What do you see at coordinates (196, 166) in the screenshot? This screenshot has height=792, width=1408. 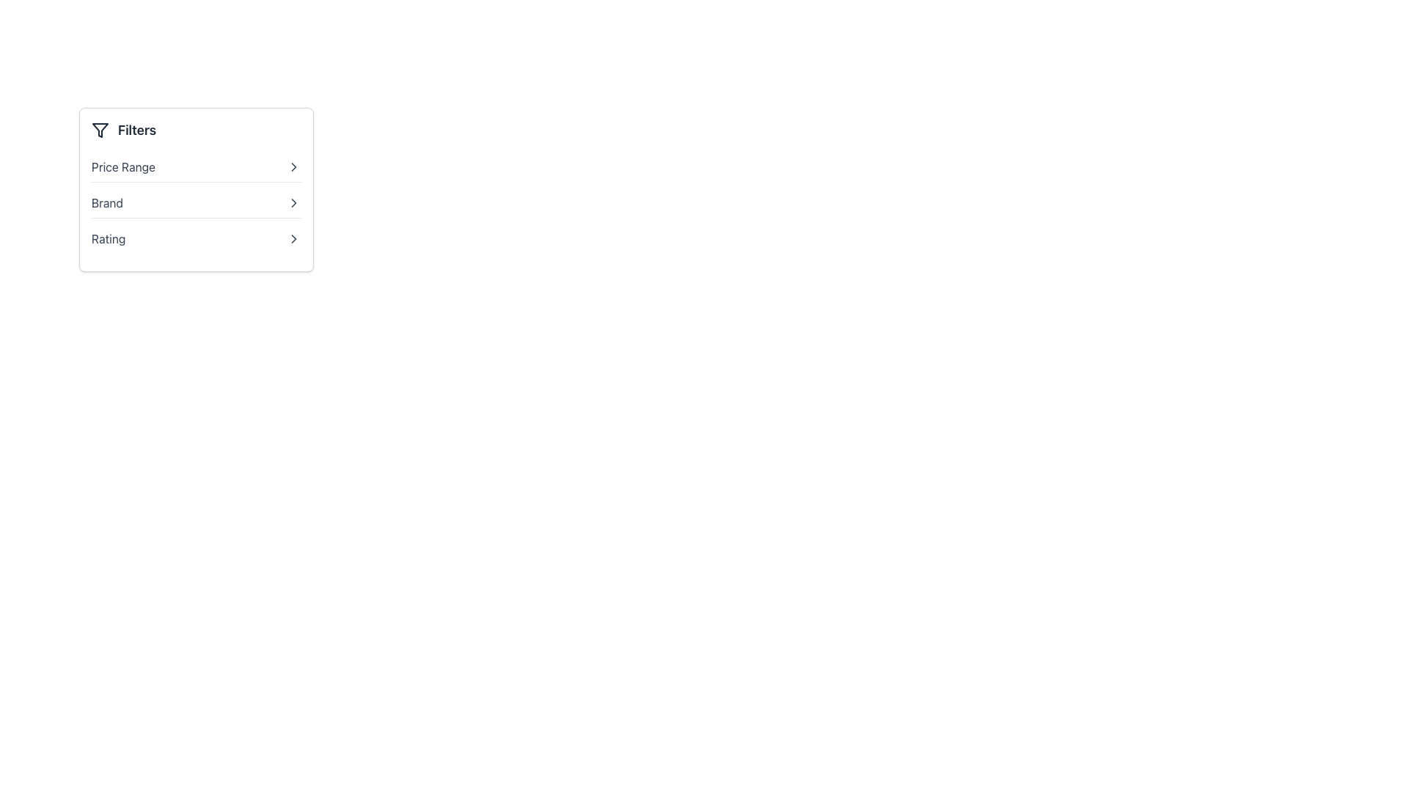 I see `the 'Price Range' clickable list item in the filter menu` at bounding box center [196, 166].